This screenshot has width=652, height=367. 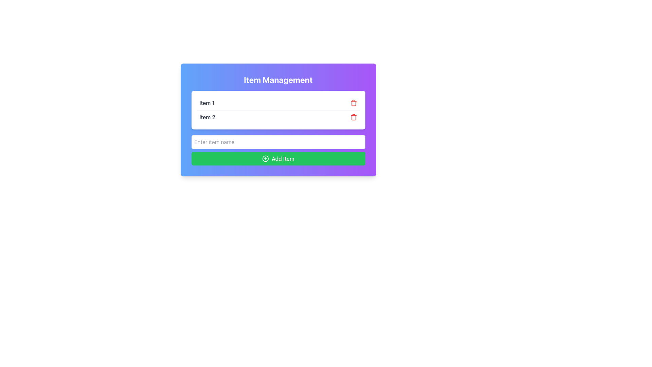 What do you see at coordinates (265, 158) in the screenshot?
I see `the circular outline within the SVG icon associated with the green 'Add Item' button located at the lower section of the interface` at bounding box center [265, 158].